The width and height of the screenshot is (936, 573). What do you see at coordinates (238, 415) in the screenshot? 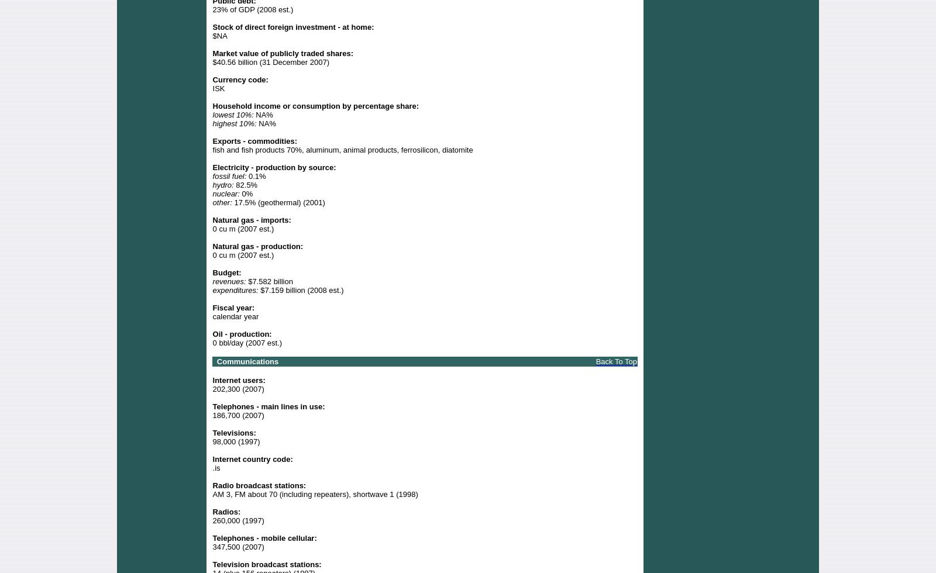
I see `'186,700 (2007)'` at bounding box center [238, 415].